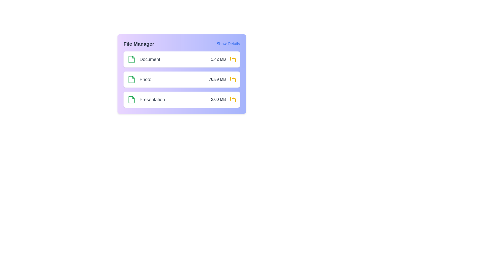 The width and height of the screenshot is (482, 271). Describe the element at coordinates (218, 100) in the screenshot. I see `the static text label displaying the file size, located in the third row of the 'Presentation' column, to the right of the folder icon` at that location.